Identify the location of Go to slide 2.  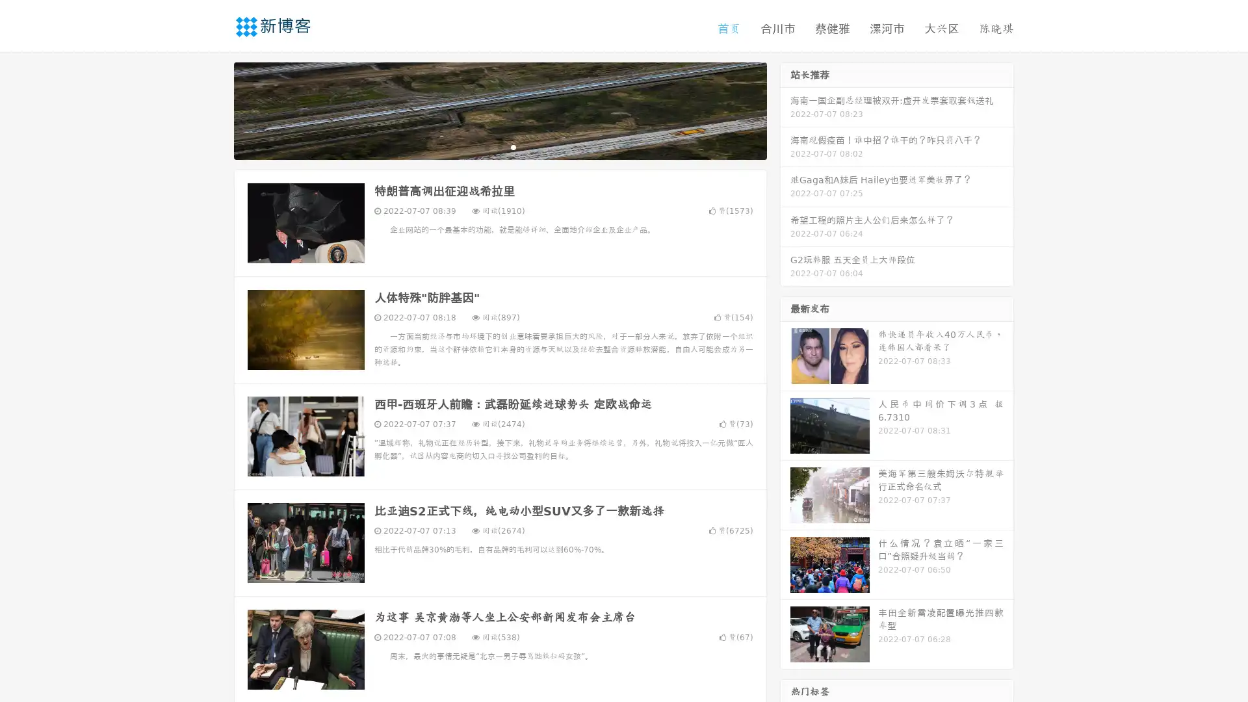
(499, 146).